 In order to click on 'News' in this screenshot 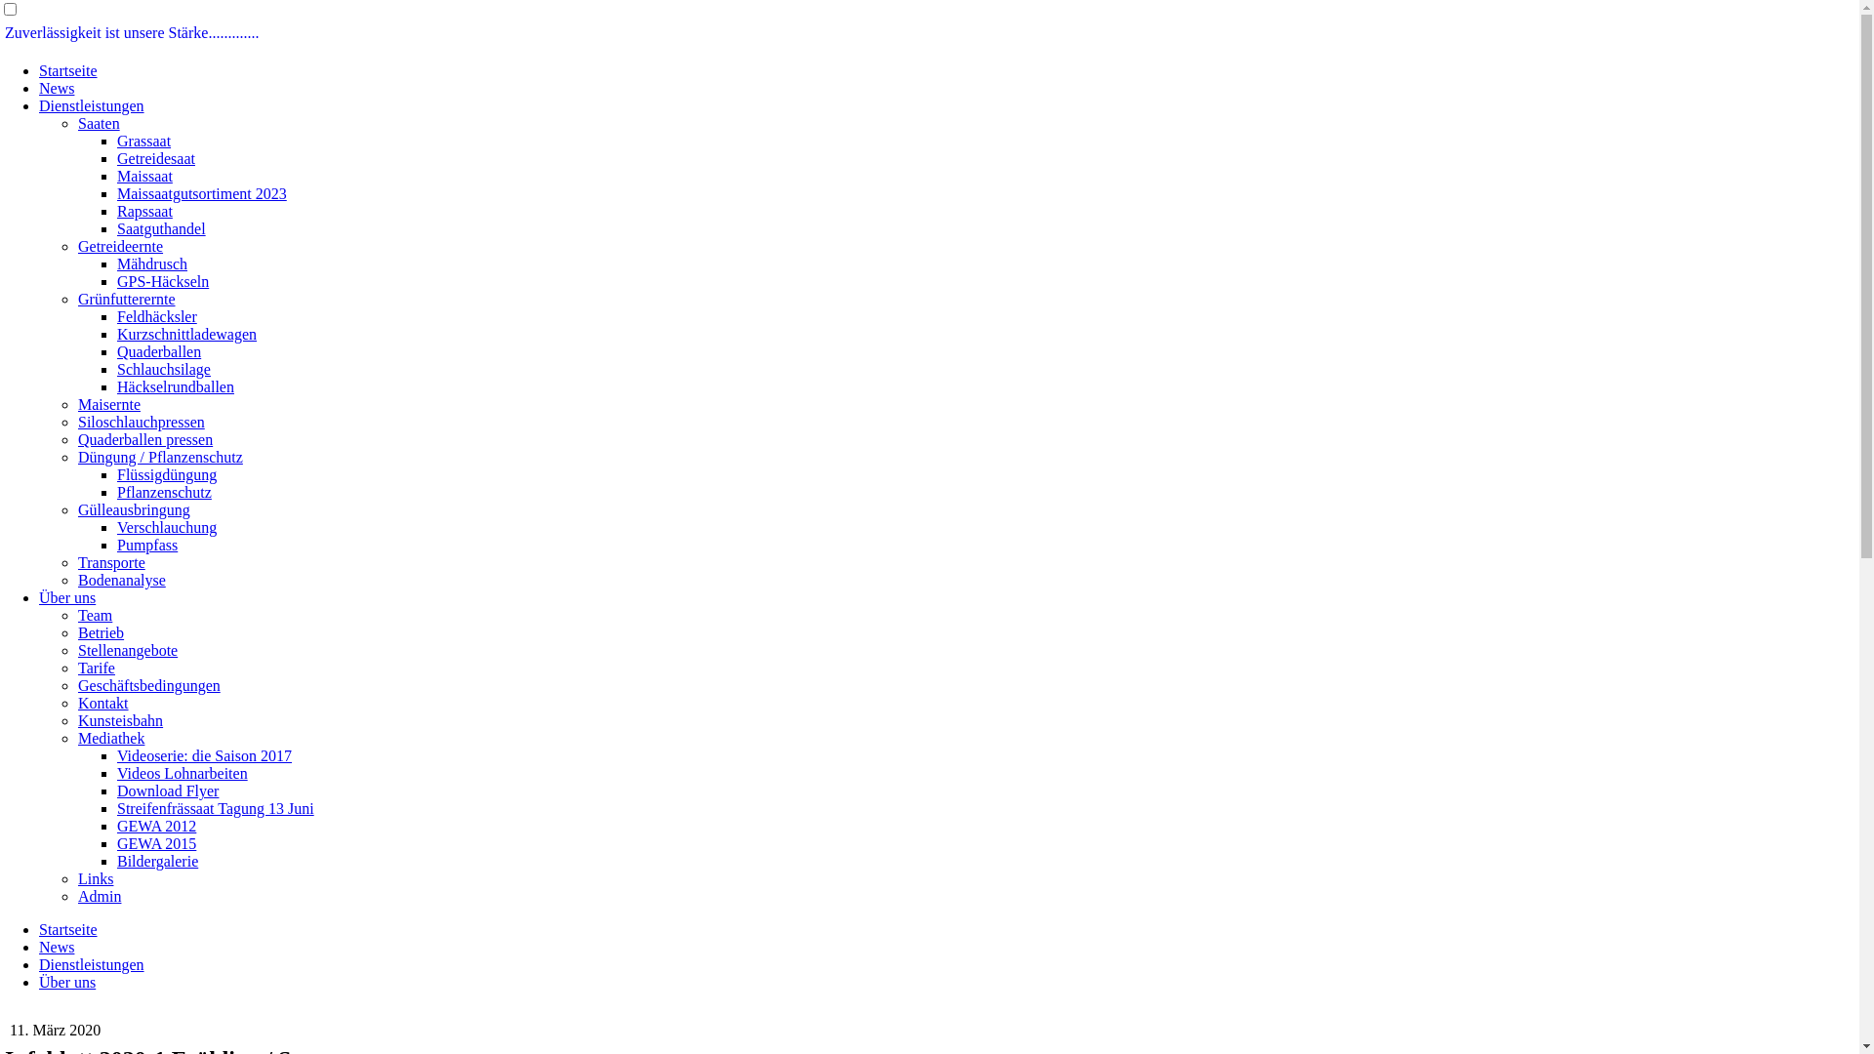, I will do `click(56, 946)`.